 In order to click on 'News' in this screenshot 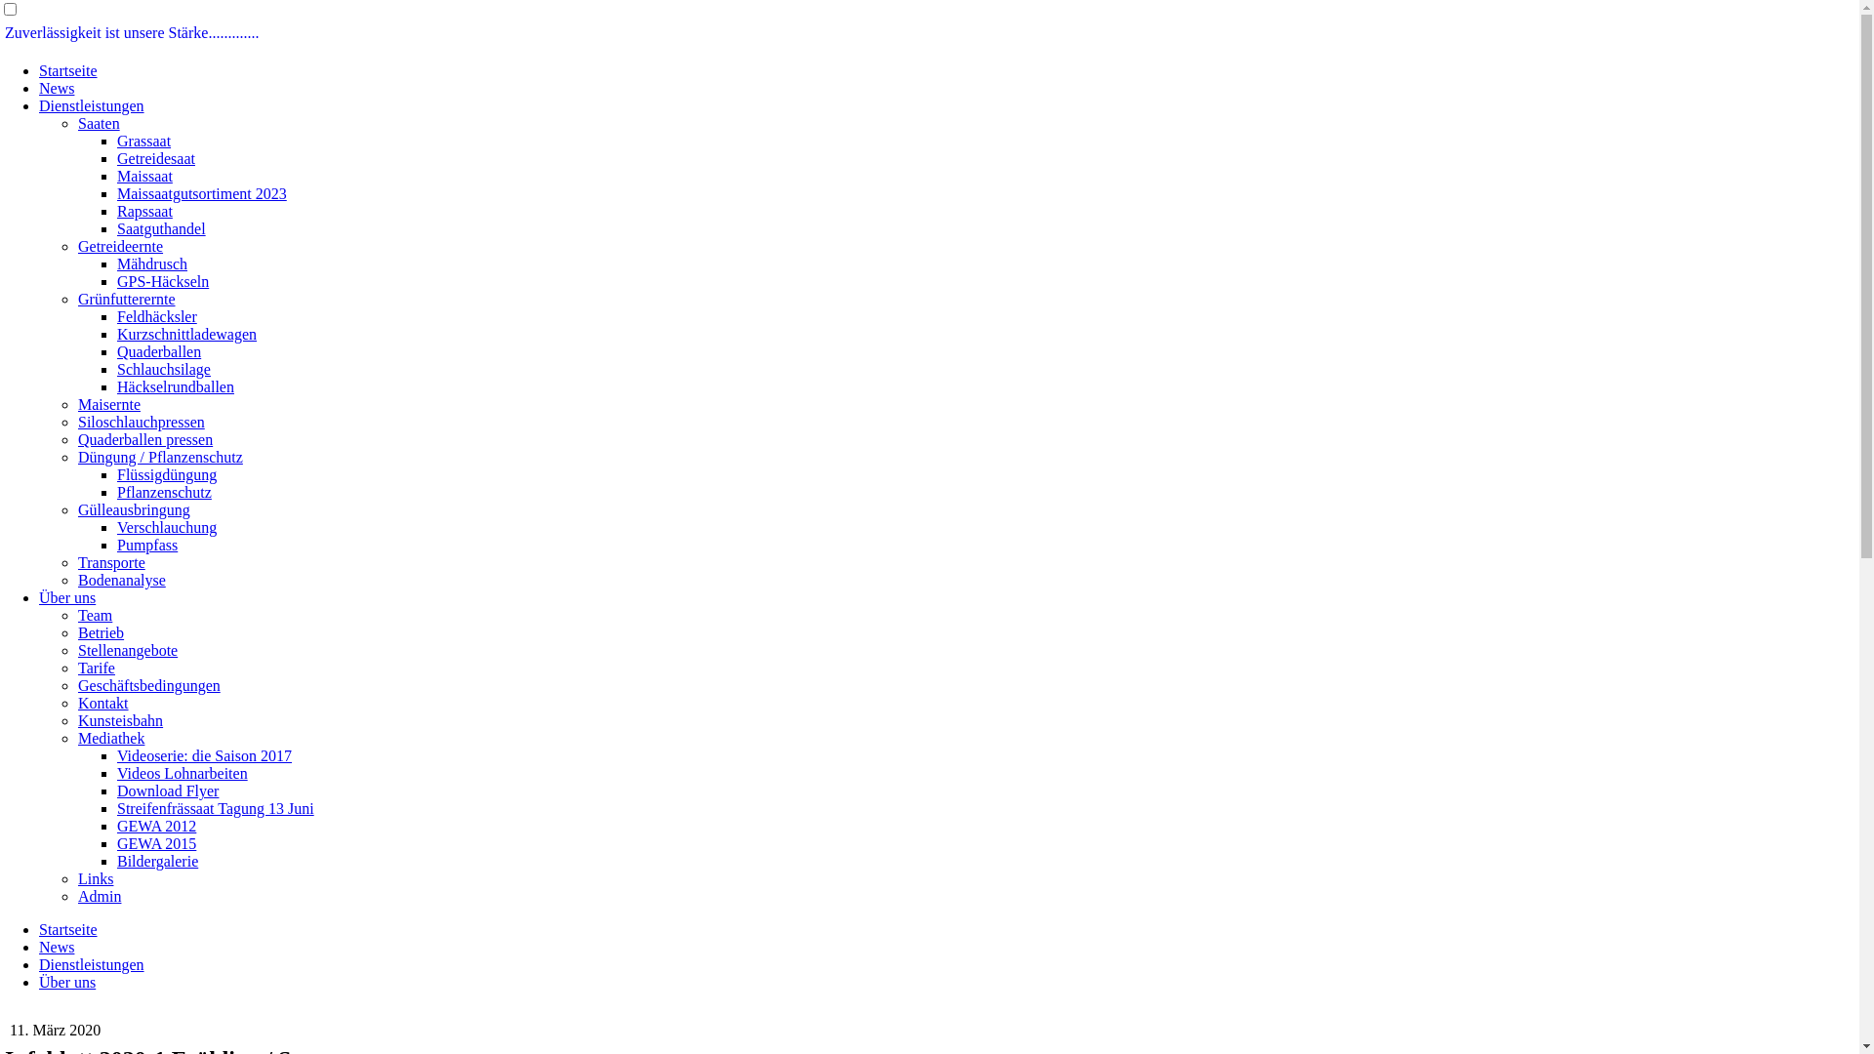, I will do `click(56, 946)`.